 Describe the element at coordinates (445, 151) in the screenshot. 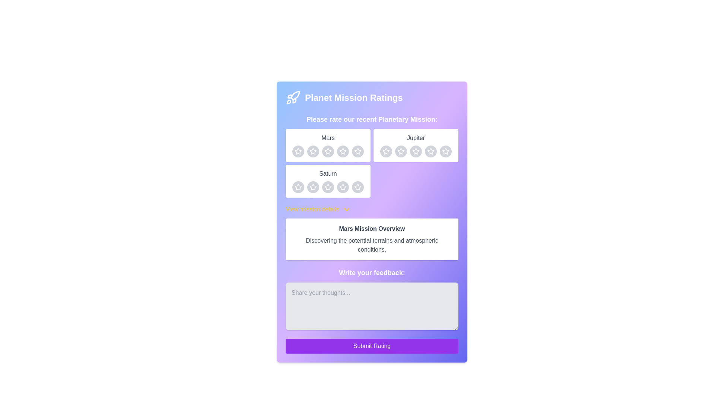

I see `the fifth star icon in the Jupiter rating section, which allows users to set or modify their rating` at that location.